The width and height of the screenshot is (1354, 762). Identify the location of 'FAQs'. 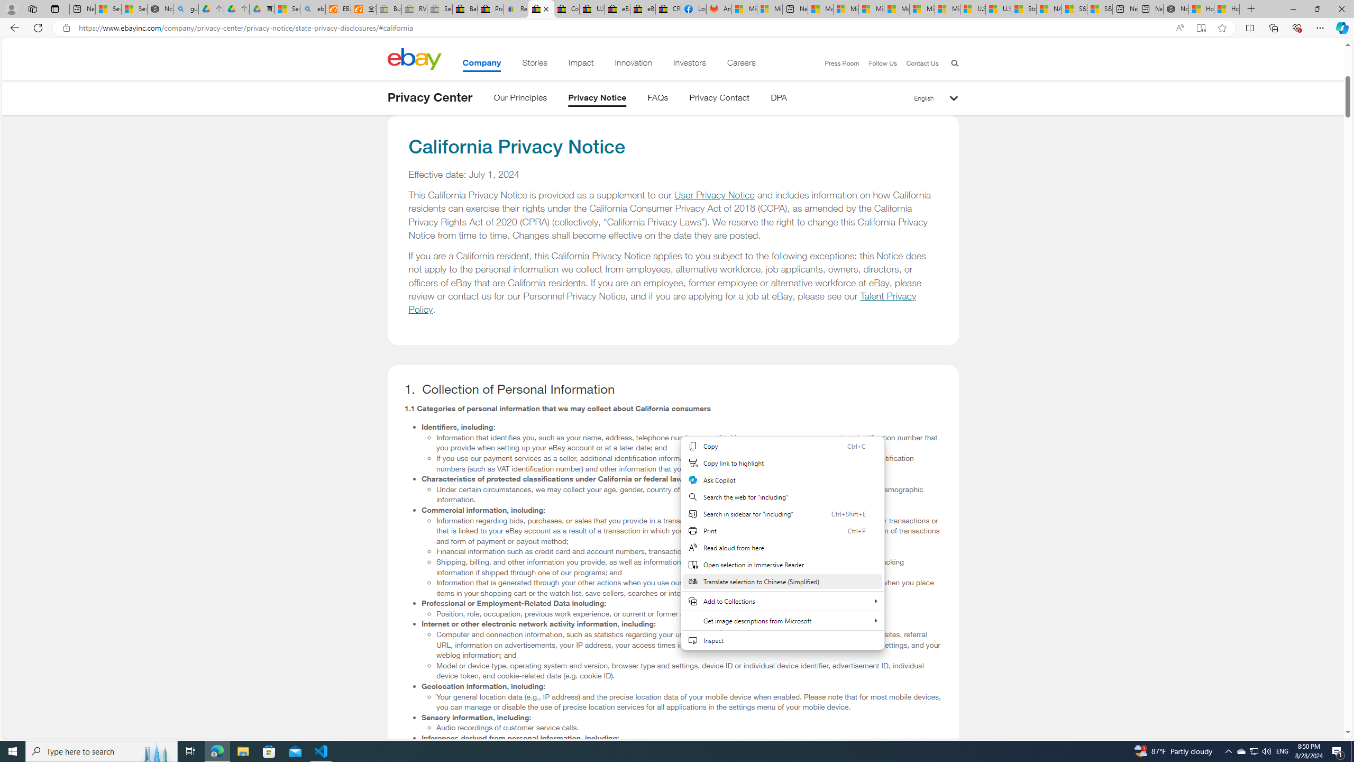
(657, 99).